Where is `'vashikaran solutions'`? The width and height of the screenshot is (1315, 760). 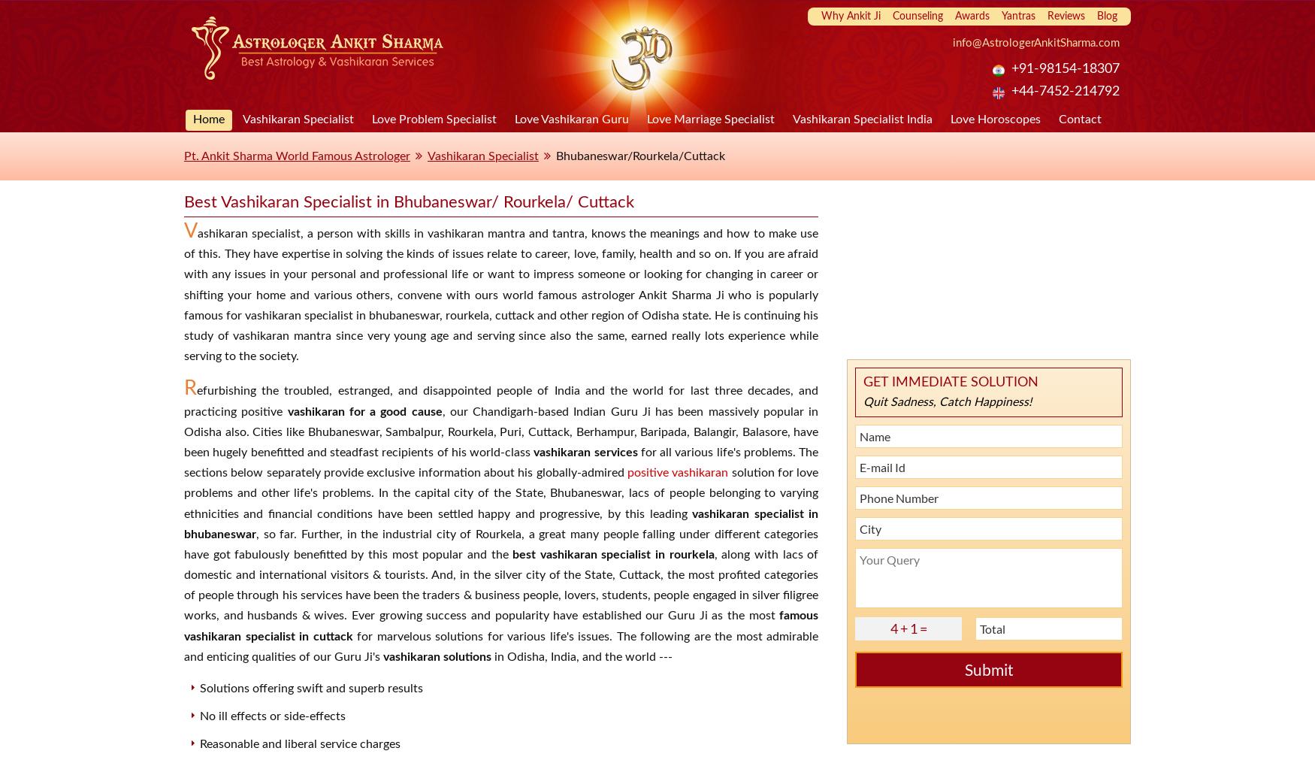
'vashikaran solutions' is located at coordinates (382, 656).